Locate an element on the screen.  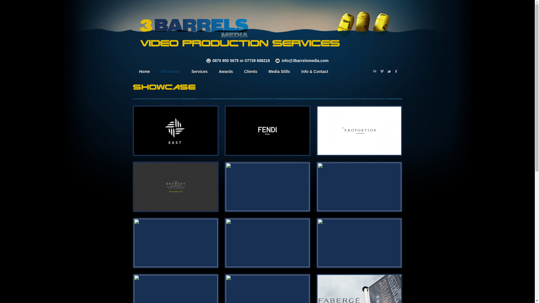
'Martin Commercial Properties' is located at coordinates (133, 187).